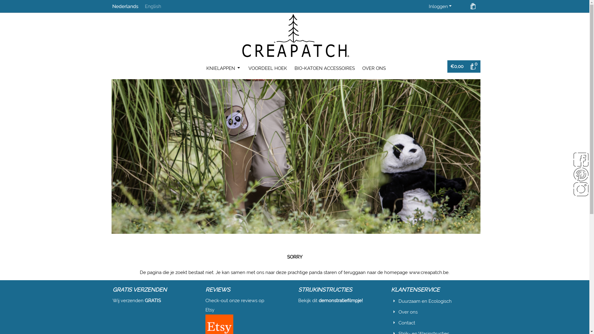 This screenshot has height=334, width=594. Describe the element at coordinates (398, 312) in the screenshot. I see `'Over ons'` at that location.